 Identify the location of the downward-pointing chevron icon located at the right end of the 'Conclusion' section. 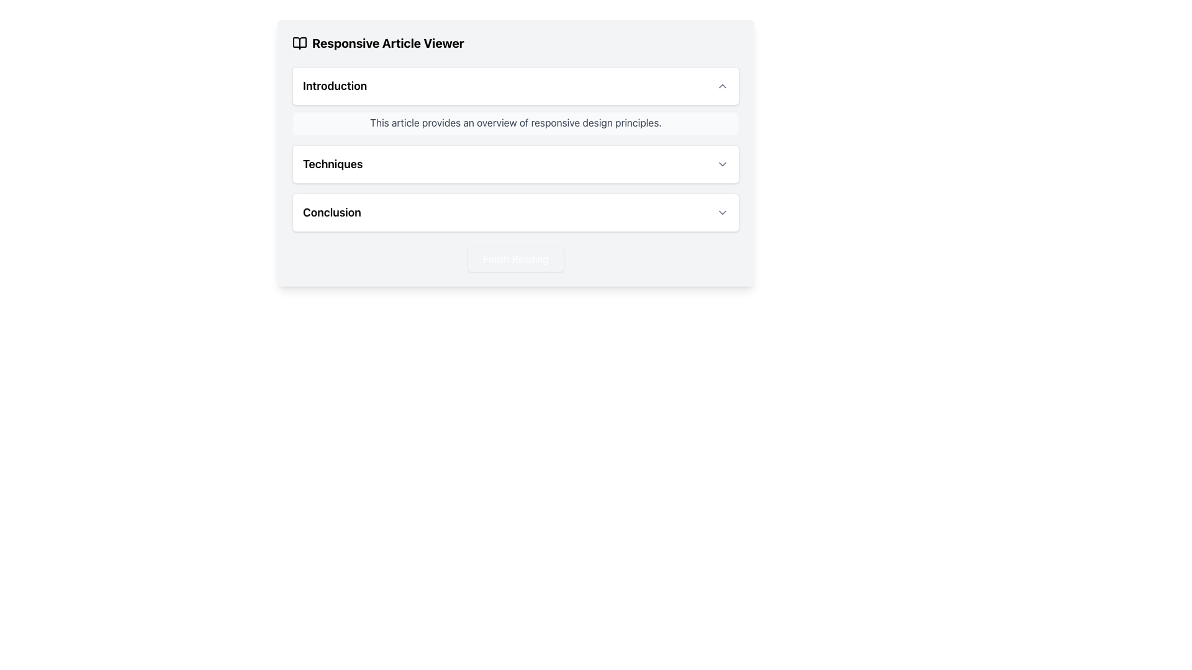
(722, 212).